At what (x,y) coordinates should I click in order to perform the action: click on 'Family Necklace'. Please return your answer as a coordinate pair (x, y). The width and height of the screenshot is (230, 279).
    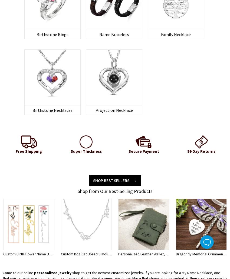
    Looking at the image, I should click on (175, 34).